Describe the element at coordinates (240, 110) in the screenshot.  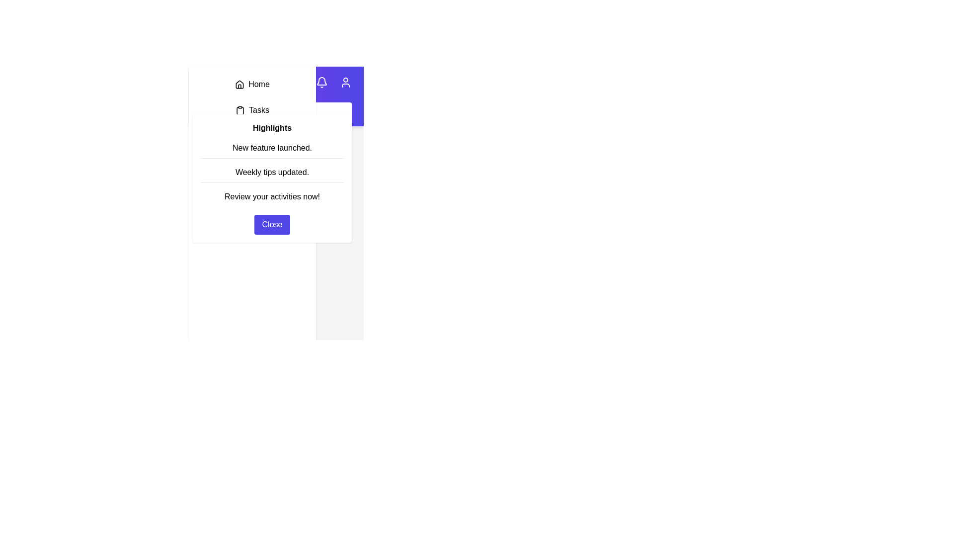
I see `the clipboard icon, which is styled with a black stroke and no fill, located to the left of the 'Tasks' text` at that location.